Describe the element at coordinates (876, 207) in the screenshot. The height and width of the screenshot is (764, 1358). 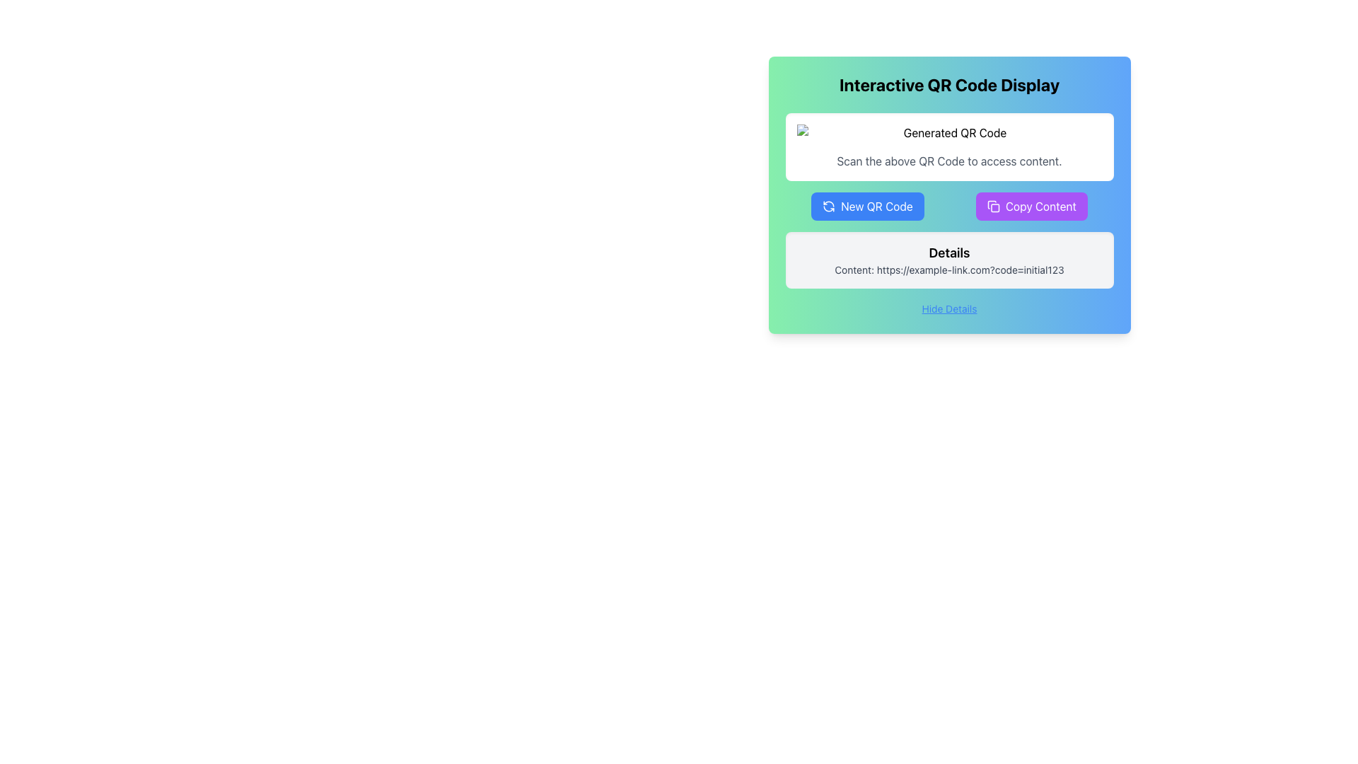
I see `the 'New QR Code' static text label within the interactive button` at that location.